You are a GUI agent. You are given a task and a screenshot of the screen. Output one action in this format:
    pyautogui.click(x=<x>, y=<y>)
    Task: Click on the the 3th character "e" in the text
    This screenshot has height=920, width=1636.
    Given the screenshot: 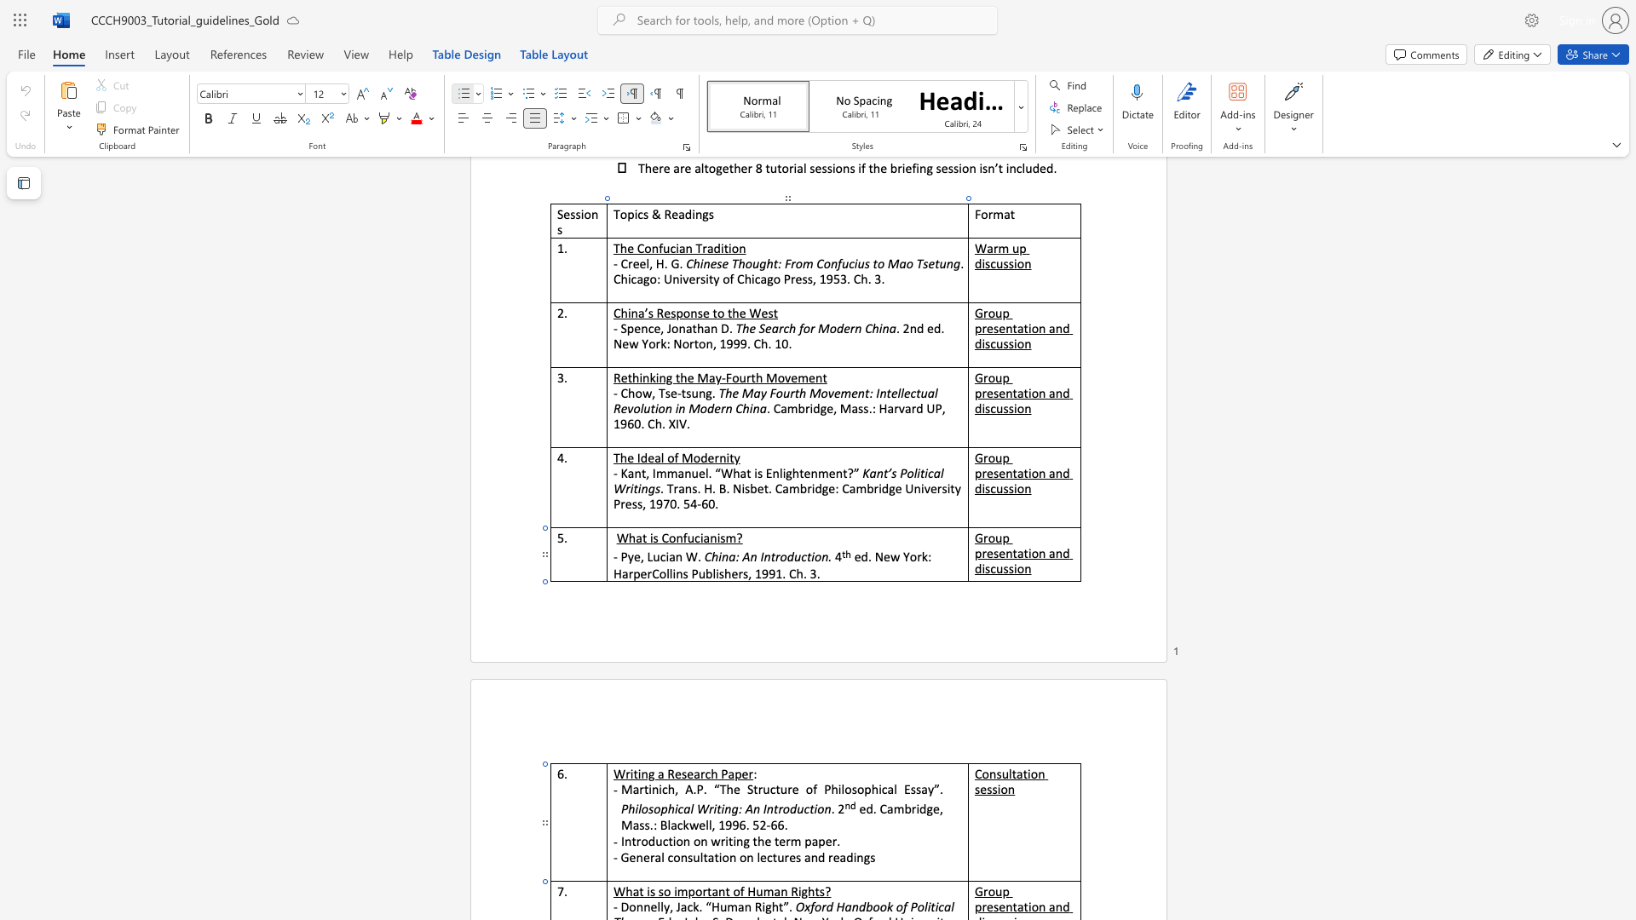 What is the action you would take?
    pyautogui.click(x=763, y=857)
    